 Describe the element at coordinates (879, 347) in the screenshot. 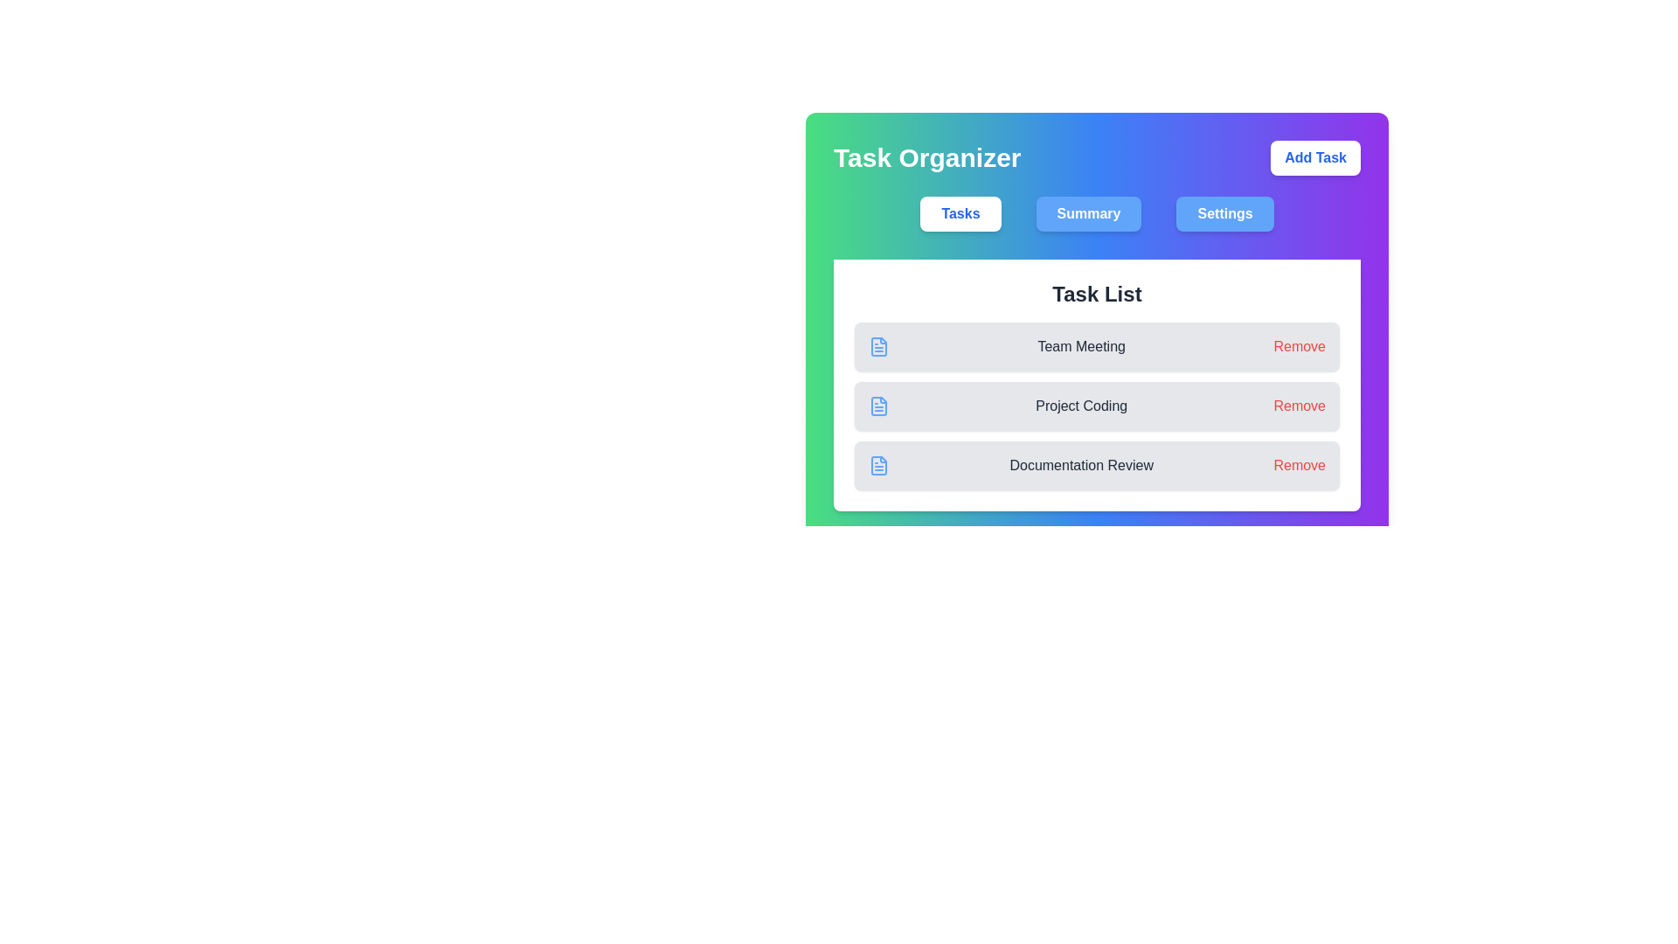

I see `the file icon with a blue border located to the left of the 'Team Meeting' text in the task list section` at that location.